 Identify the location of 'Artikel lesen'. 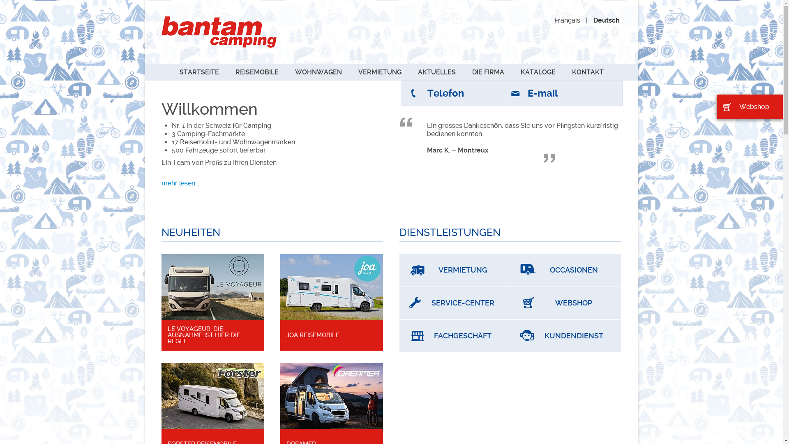
(280, 286).